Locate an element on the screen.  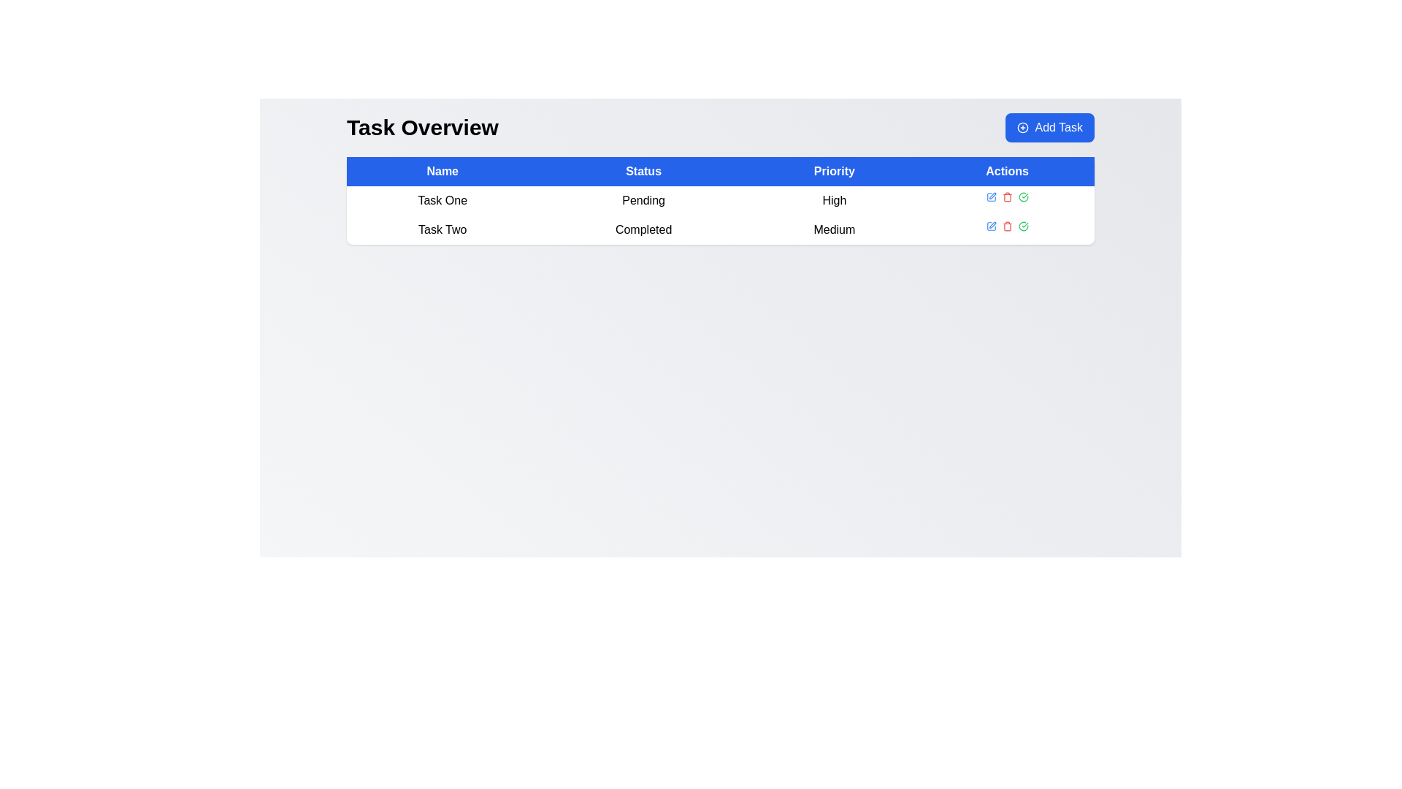
the first row of the task overview table which contains the task name 'Task One', status 'Pending', and priority 'High' is located at coordinates (721, 200).